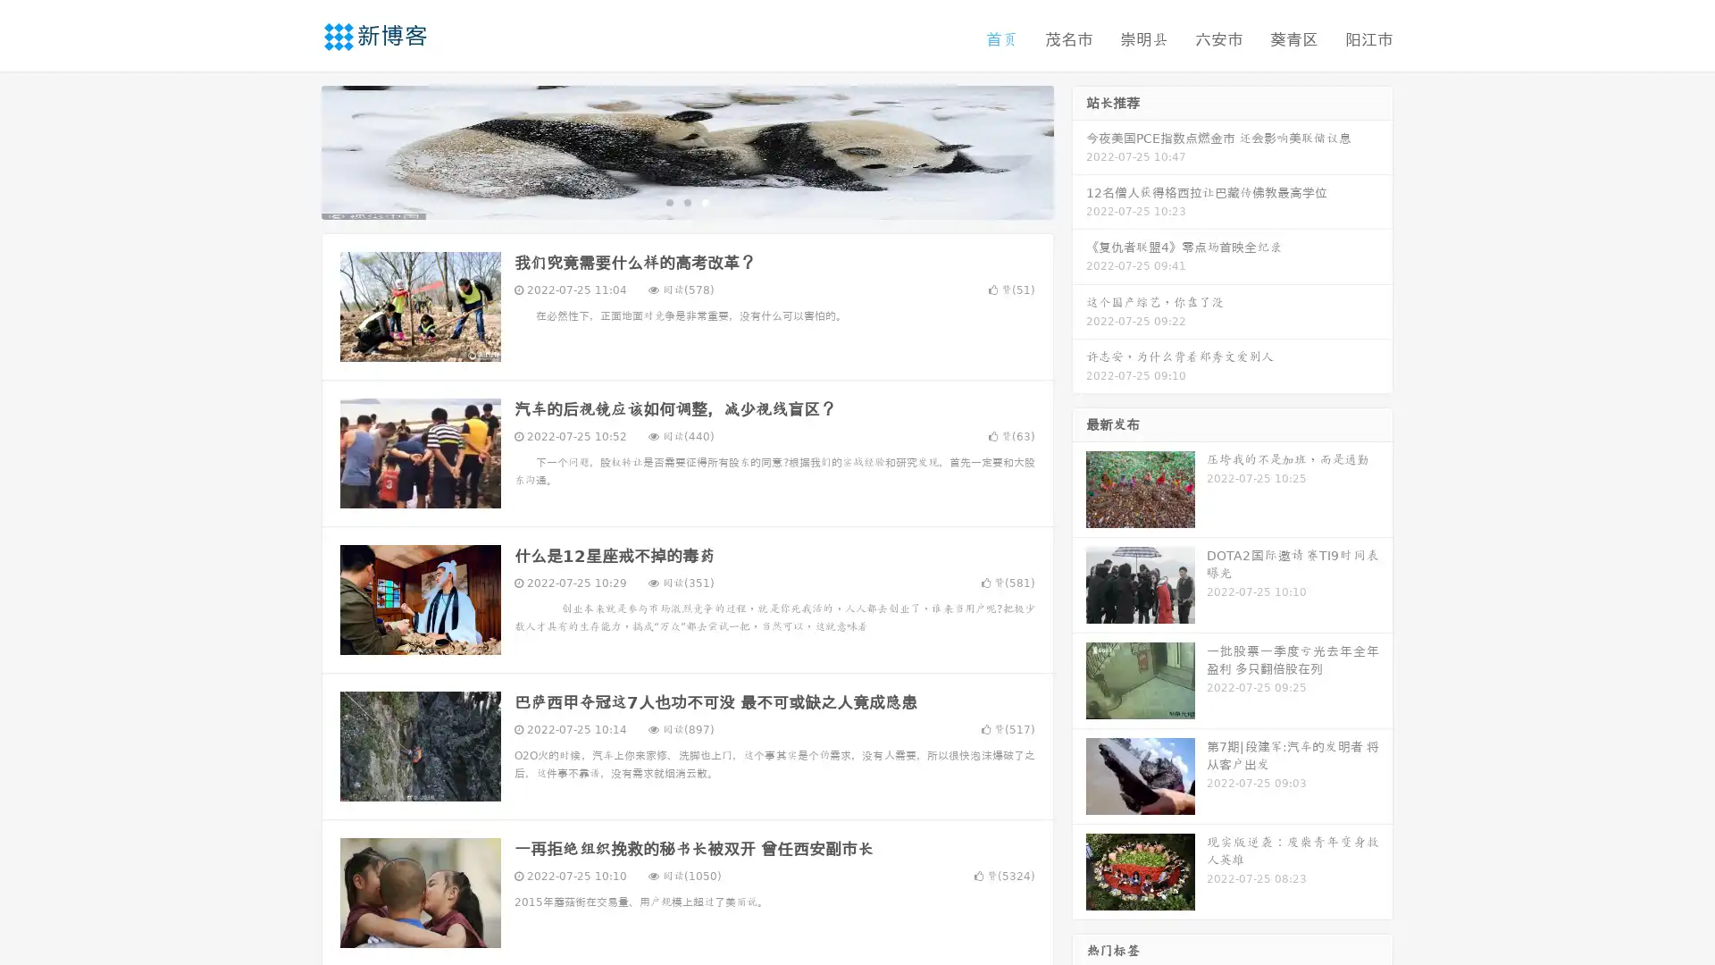  What do you see at coordinates (686, 201) in the screenshot?
I see `Go to slide 2` at bounding box center [686, 201].